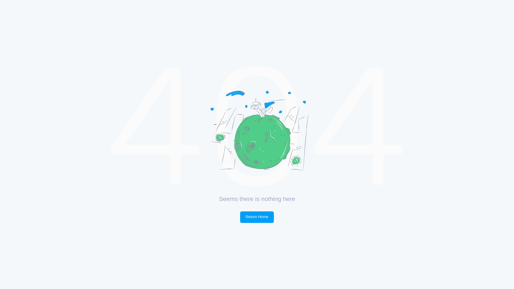 Image resolution: width=514 pixels, height=289 pixels. Describe the element at coordinates (257, 217) in the screenshot. I see `'Return Home'` at that location.